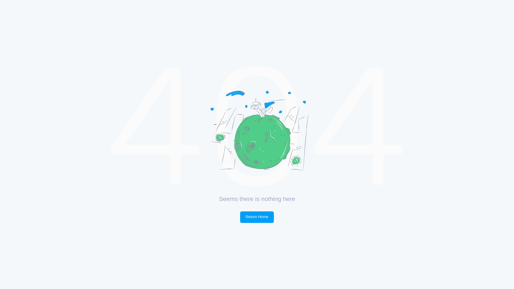 Image resolution: width=514 pixels, height=289 pixels. Describe the element at coordinates (257, 217) in the screenshot. I see `'Return Home'` at that location.